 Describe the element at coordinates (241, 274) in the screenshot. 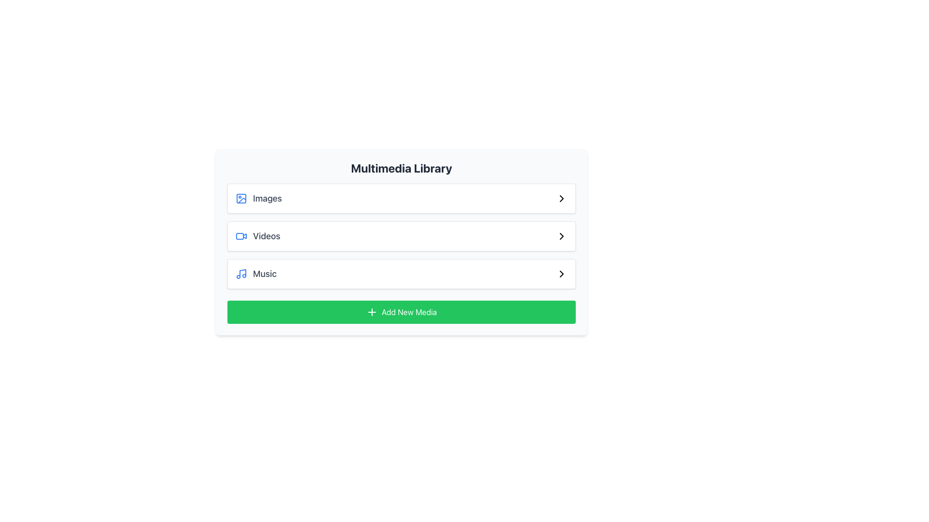

I see `the decorative Music icon in the Multimedia Library interface, located near the left side of the Music label` at that location.